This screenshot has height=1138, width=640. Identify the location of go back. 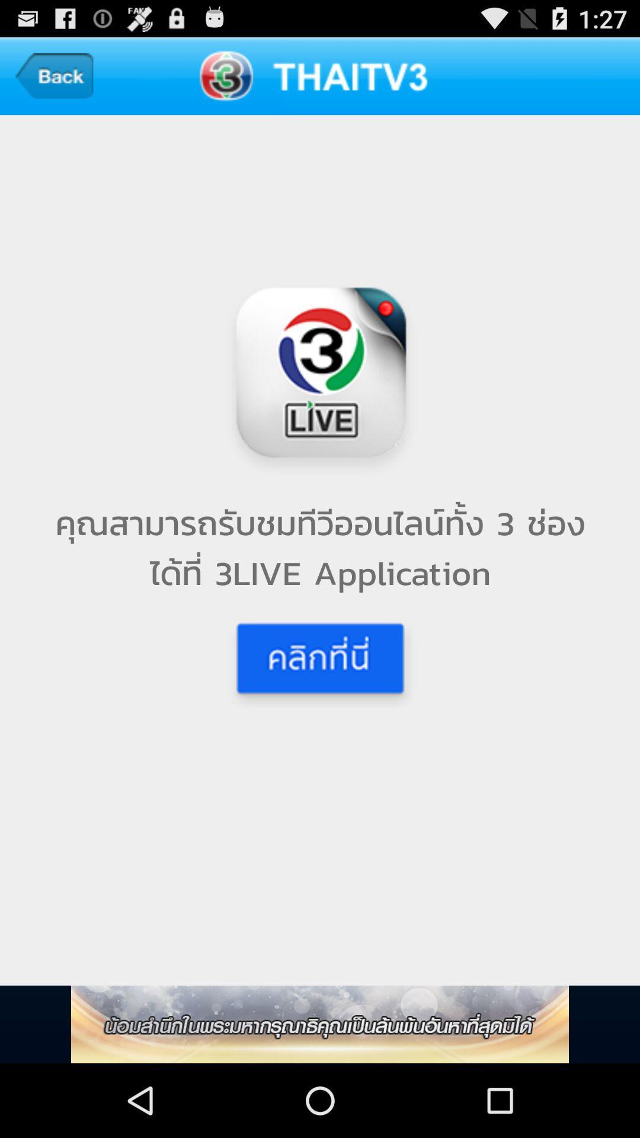
(54, 75).